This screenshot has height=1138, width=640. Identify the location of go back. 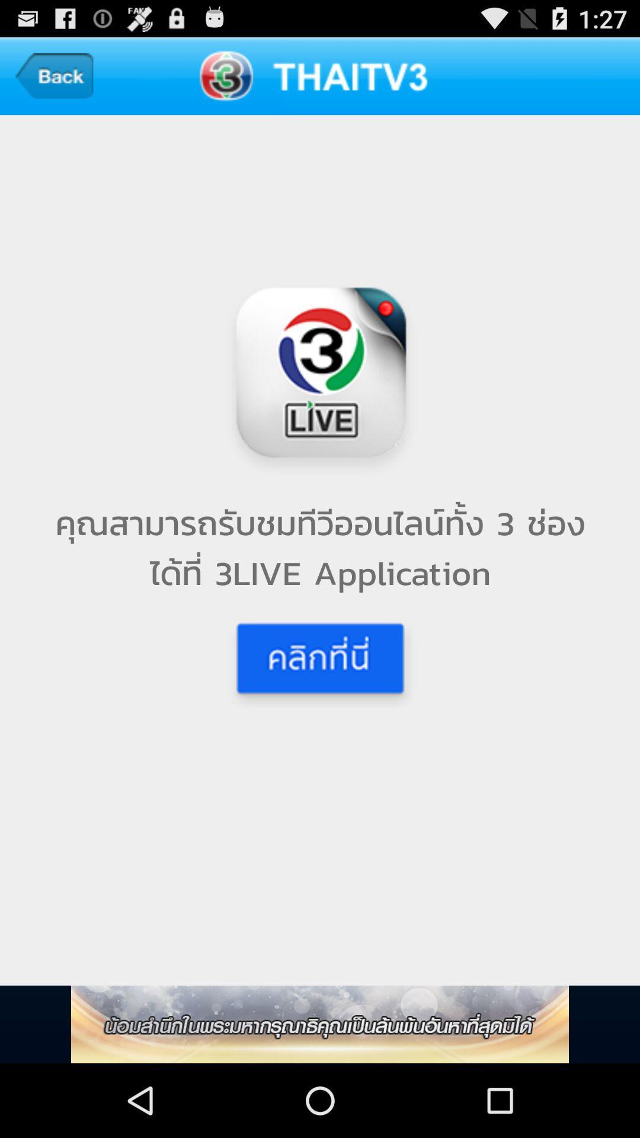
(54, 75).